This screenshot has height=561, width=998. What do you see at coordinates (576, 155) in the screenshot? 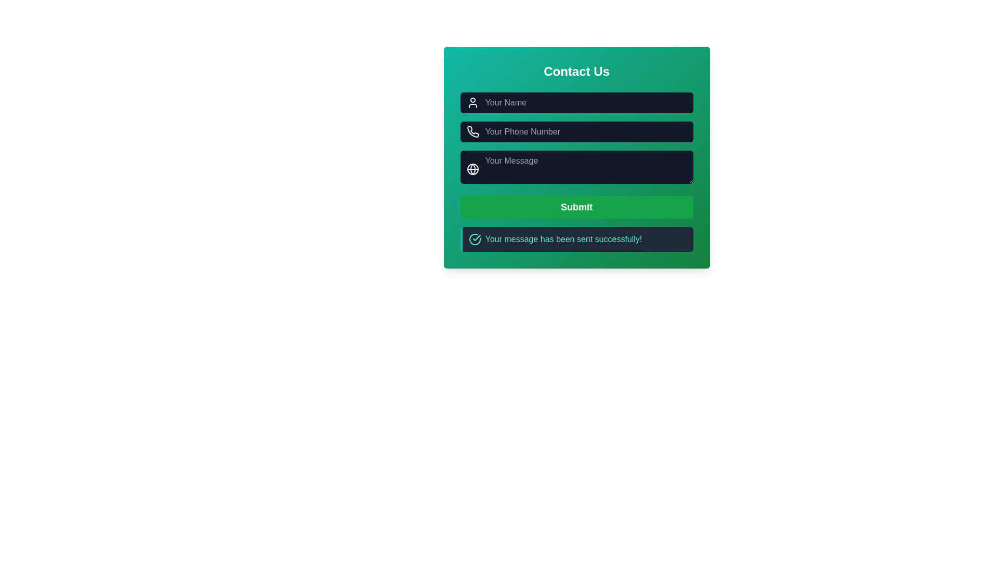
I see `the dark input field with rounded corners labeled 'Your Message' to focus on it` at bounding box center [576, 155].